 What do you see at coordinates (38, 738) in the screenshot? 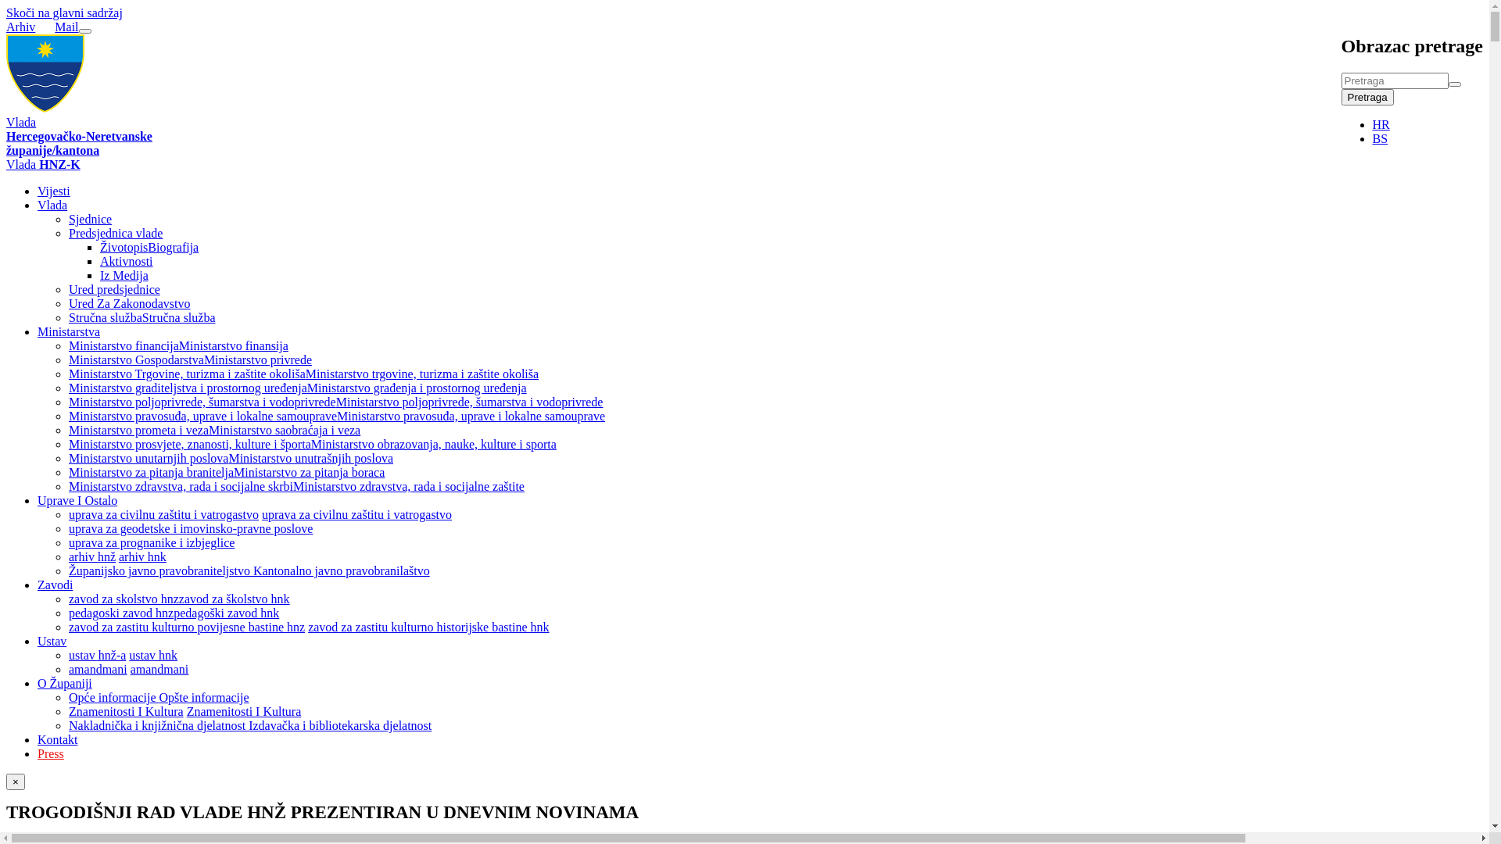
I see `'Kontakt'` at bounding box center [38, 738].